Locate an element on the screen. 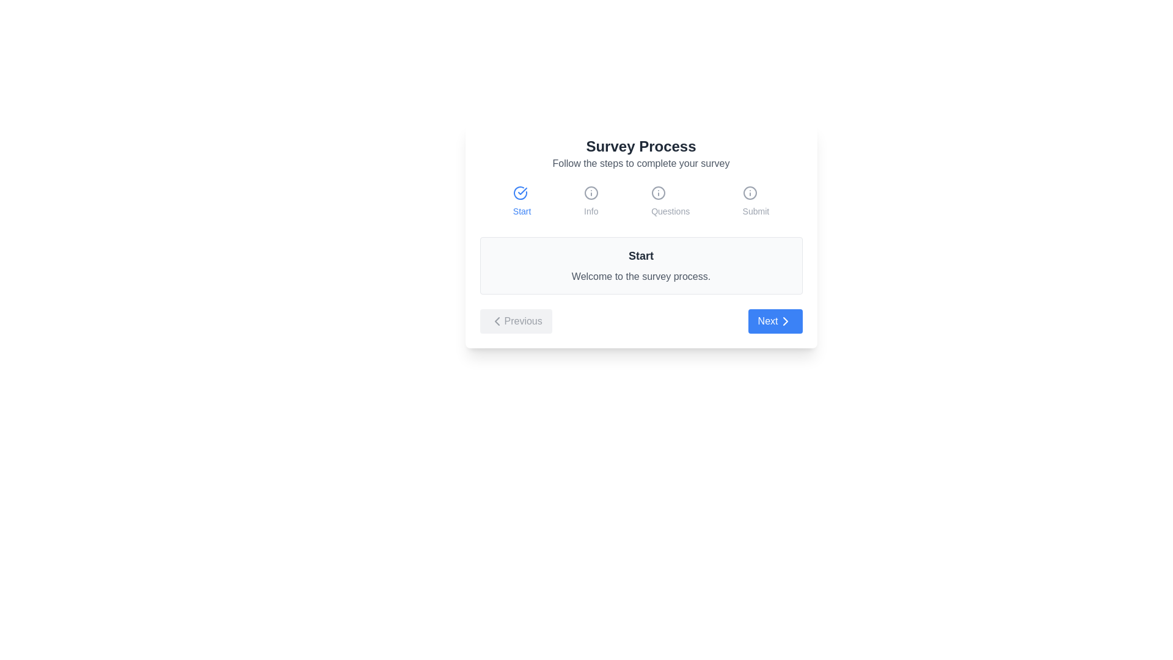 The height and width of the screenshot is (660, 1173). the blue checkmark icon with a circular outline located prominently in the upper portion of the interface, specifically on the leftmost side of a row of circular icons, above the text label 'Start' is located at coordinates (522, 193).